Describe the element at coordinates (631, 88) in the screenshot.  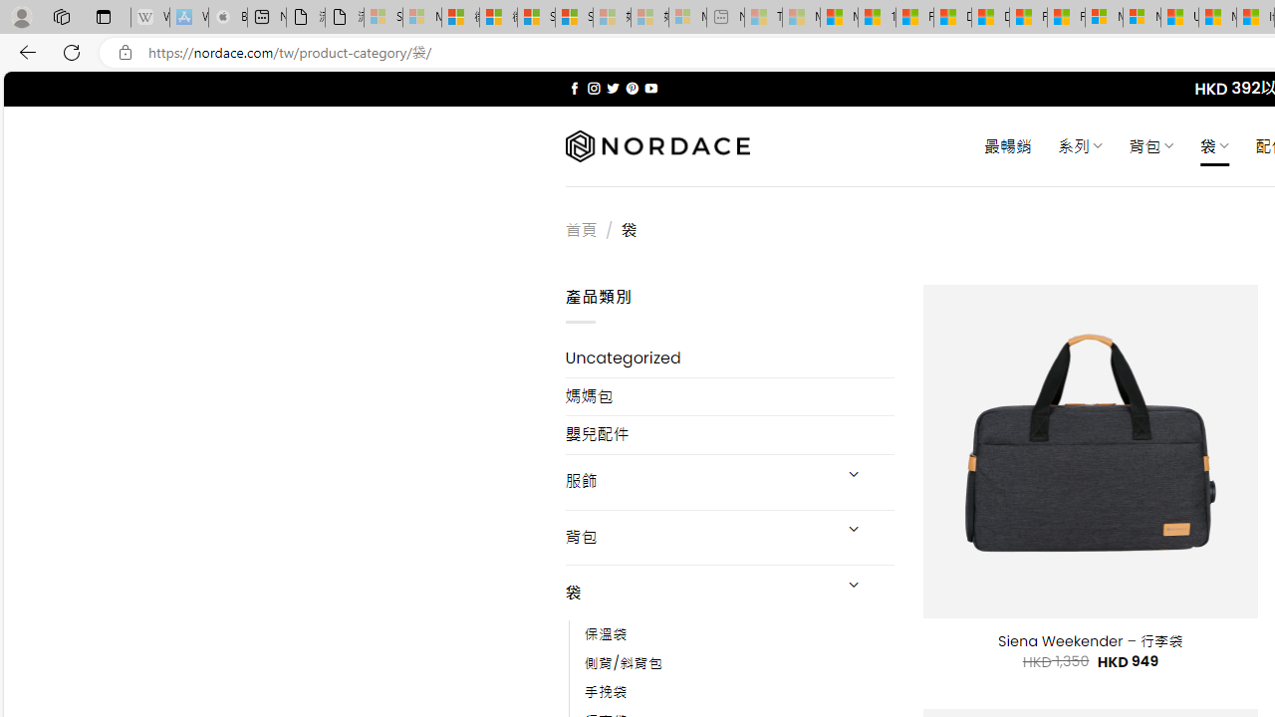
I see `'Follow on Pinterest'` at that location.